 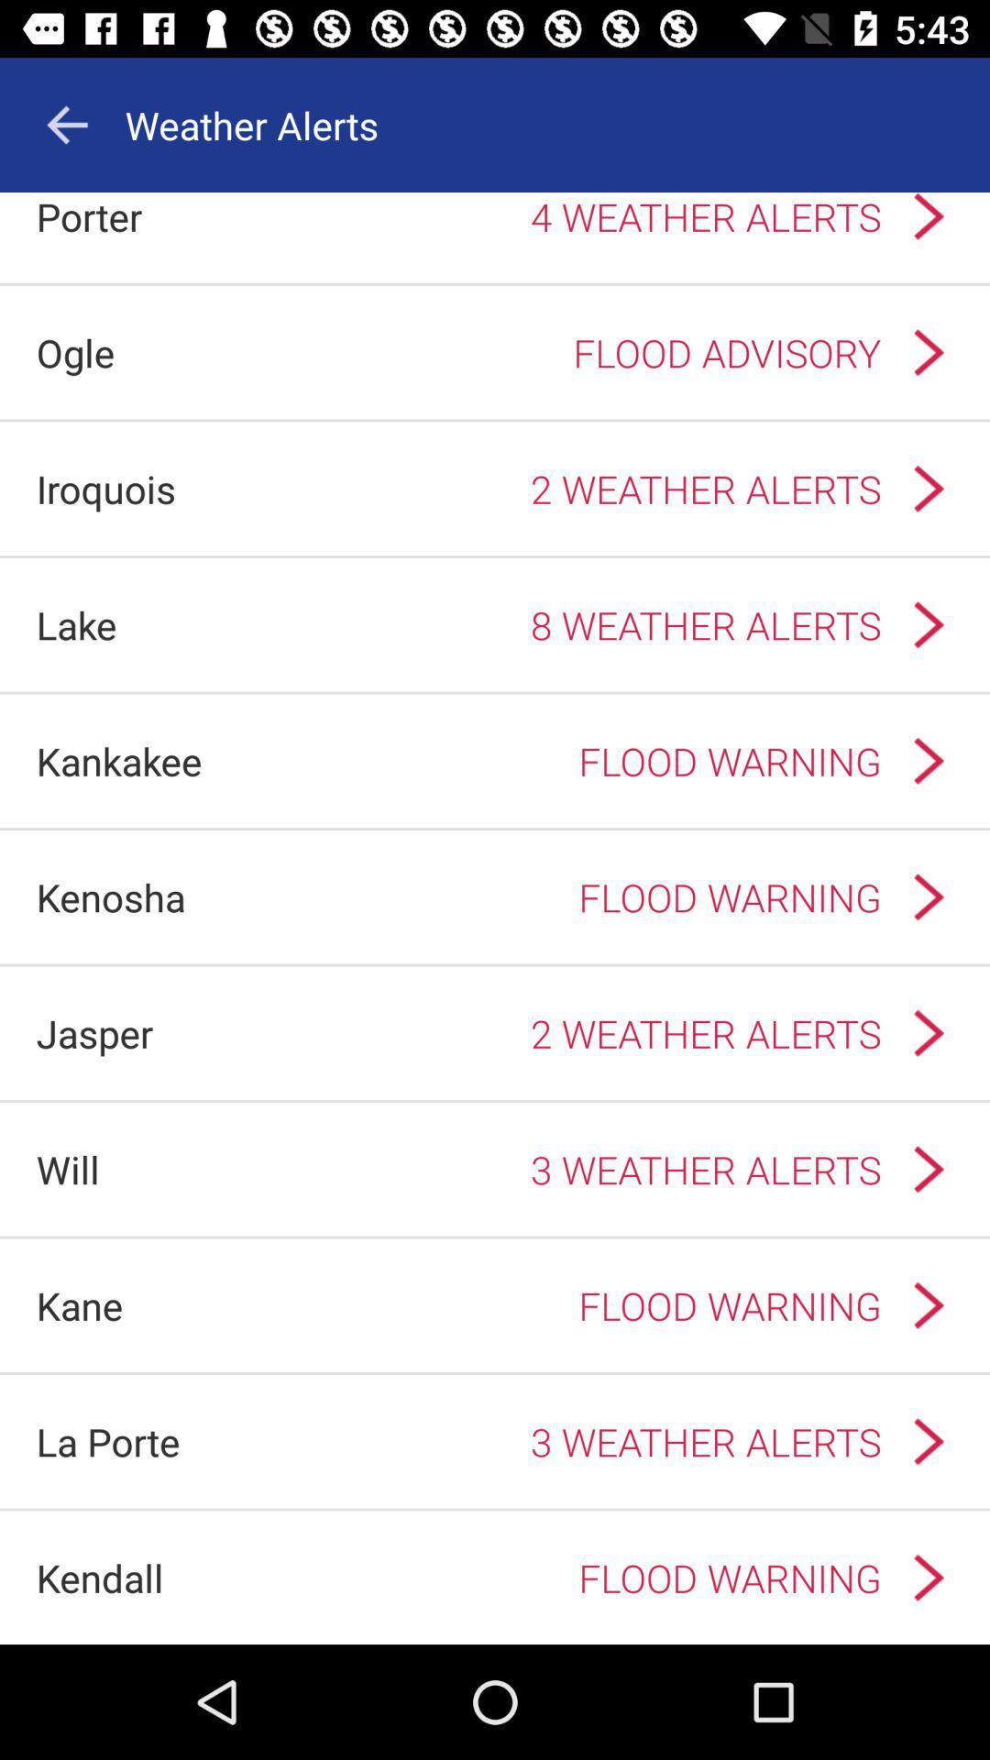 I want to click on item next to the 2 weather alerts icon, so click(x=105, y=489).